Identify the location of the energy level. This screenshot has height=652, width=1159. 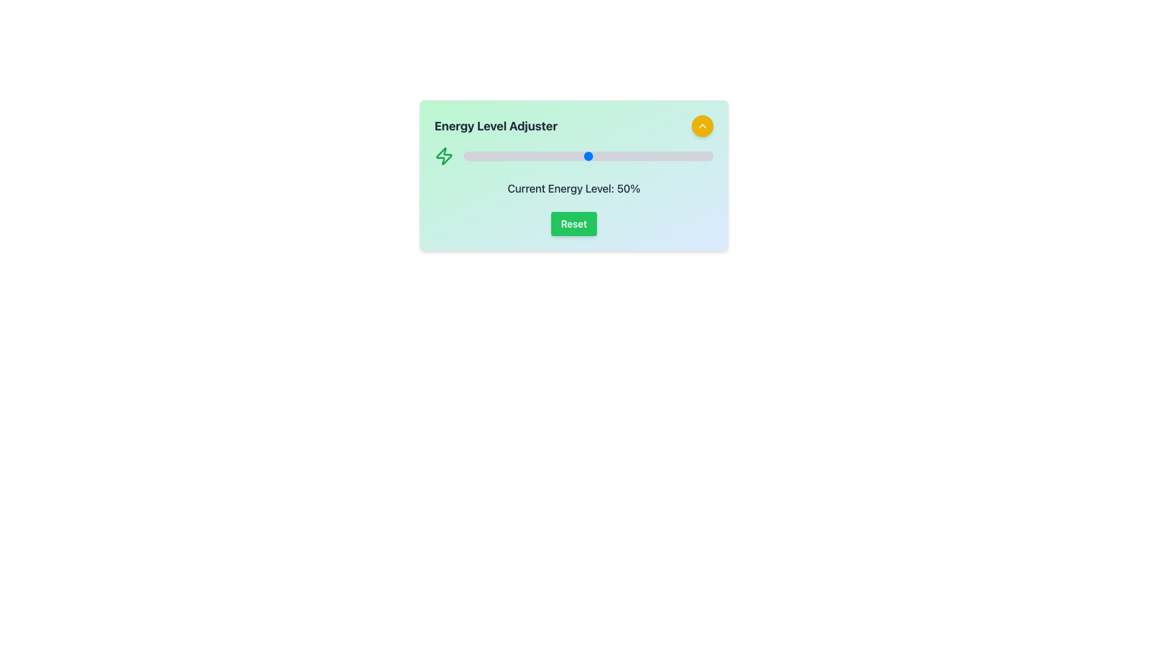
(573, 155).